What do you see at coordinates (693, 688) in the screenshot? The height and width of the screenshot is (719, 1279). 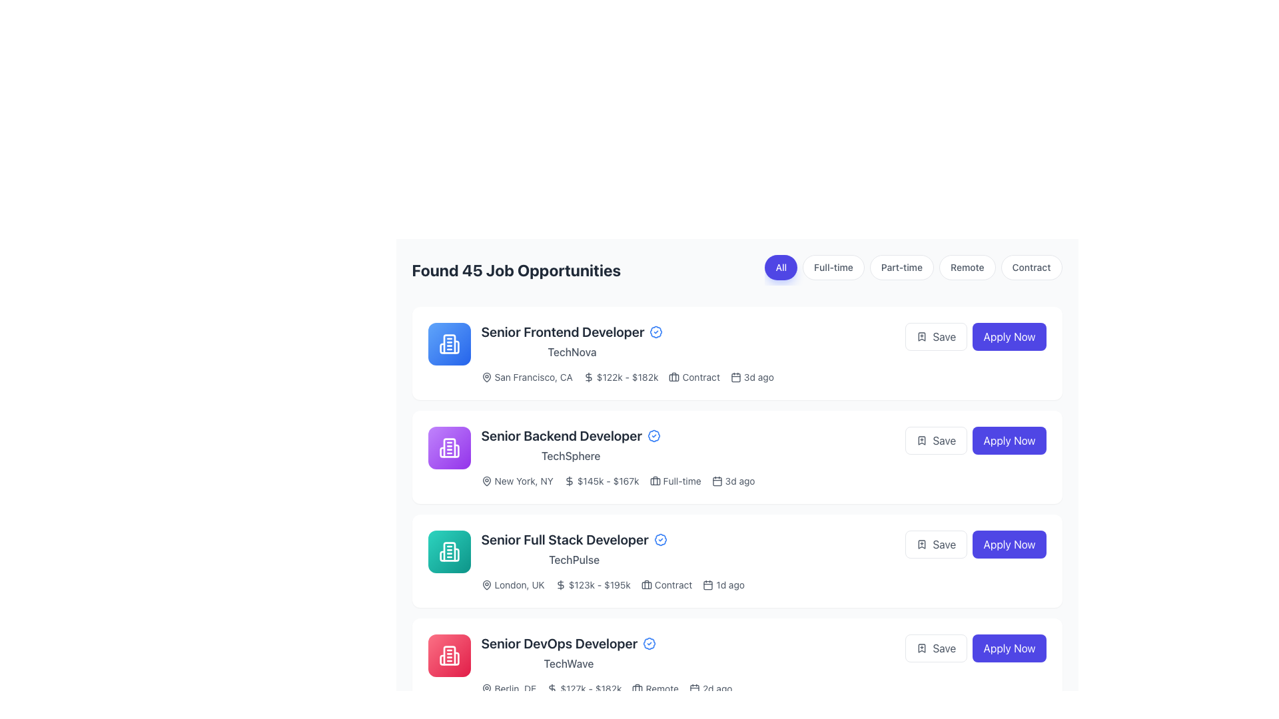 I see `the date/time indicator icon located in the bottom right corner of the 'Senior DevOps Developer' job listing card, adjacent to the text '2d ago'` at bounding box center [693, 688].